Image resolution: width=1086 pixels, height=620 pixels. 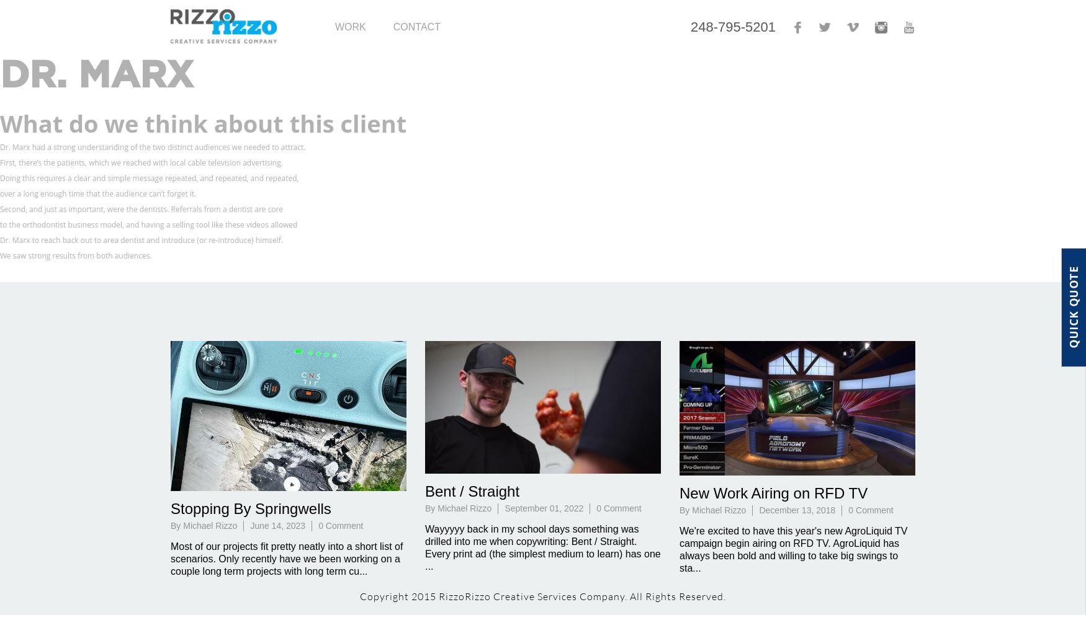 What do you see at coordinates (249, 525) in the screenshot?
I see `'June 14, 2023'` at bounding box center [249, 525].